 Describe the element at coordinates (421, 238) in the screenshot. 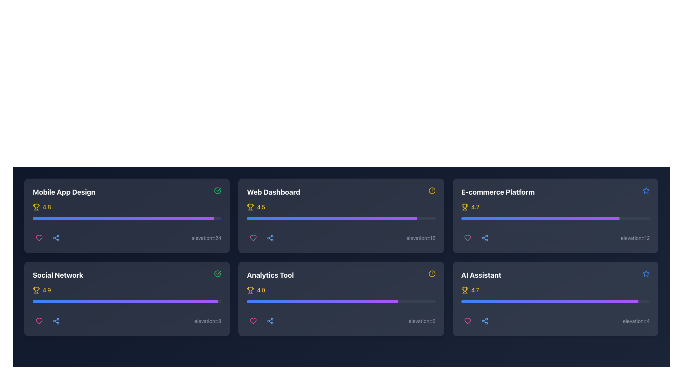

I see `the text label displaying 'elevation=16' located at the bottom-right corner of the 'Web Dashboard' card` at that location.